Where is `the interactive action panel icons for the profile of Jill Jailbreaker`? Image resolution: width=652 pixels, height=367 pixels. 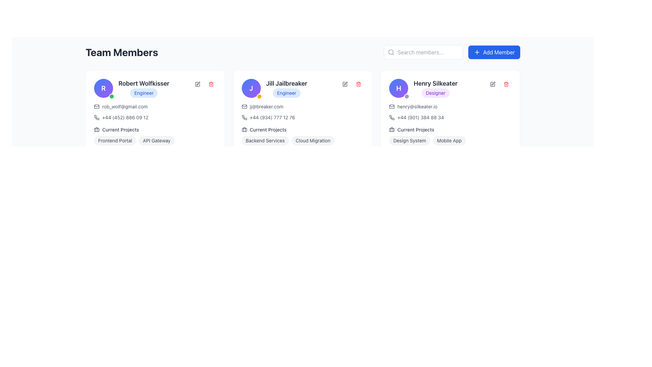
the interactive action panel icons for the profile of Jill Jailbreaker is located at coordinates (352, 84).